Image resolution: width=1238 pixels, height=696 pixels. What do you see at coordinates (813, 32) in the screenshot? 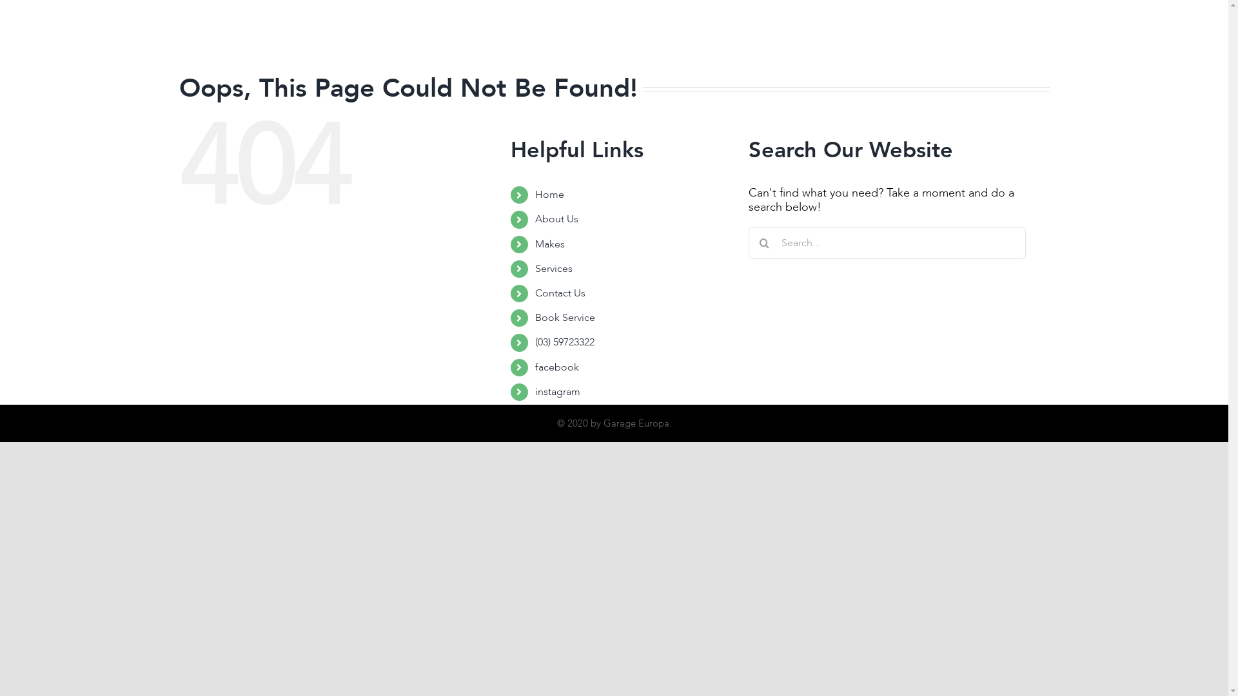
I see `'Book Service'` at bounding box center [813, 32].